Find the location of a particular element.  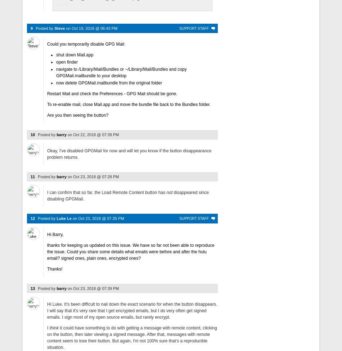

'9' is located at coordinates (31, 28).